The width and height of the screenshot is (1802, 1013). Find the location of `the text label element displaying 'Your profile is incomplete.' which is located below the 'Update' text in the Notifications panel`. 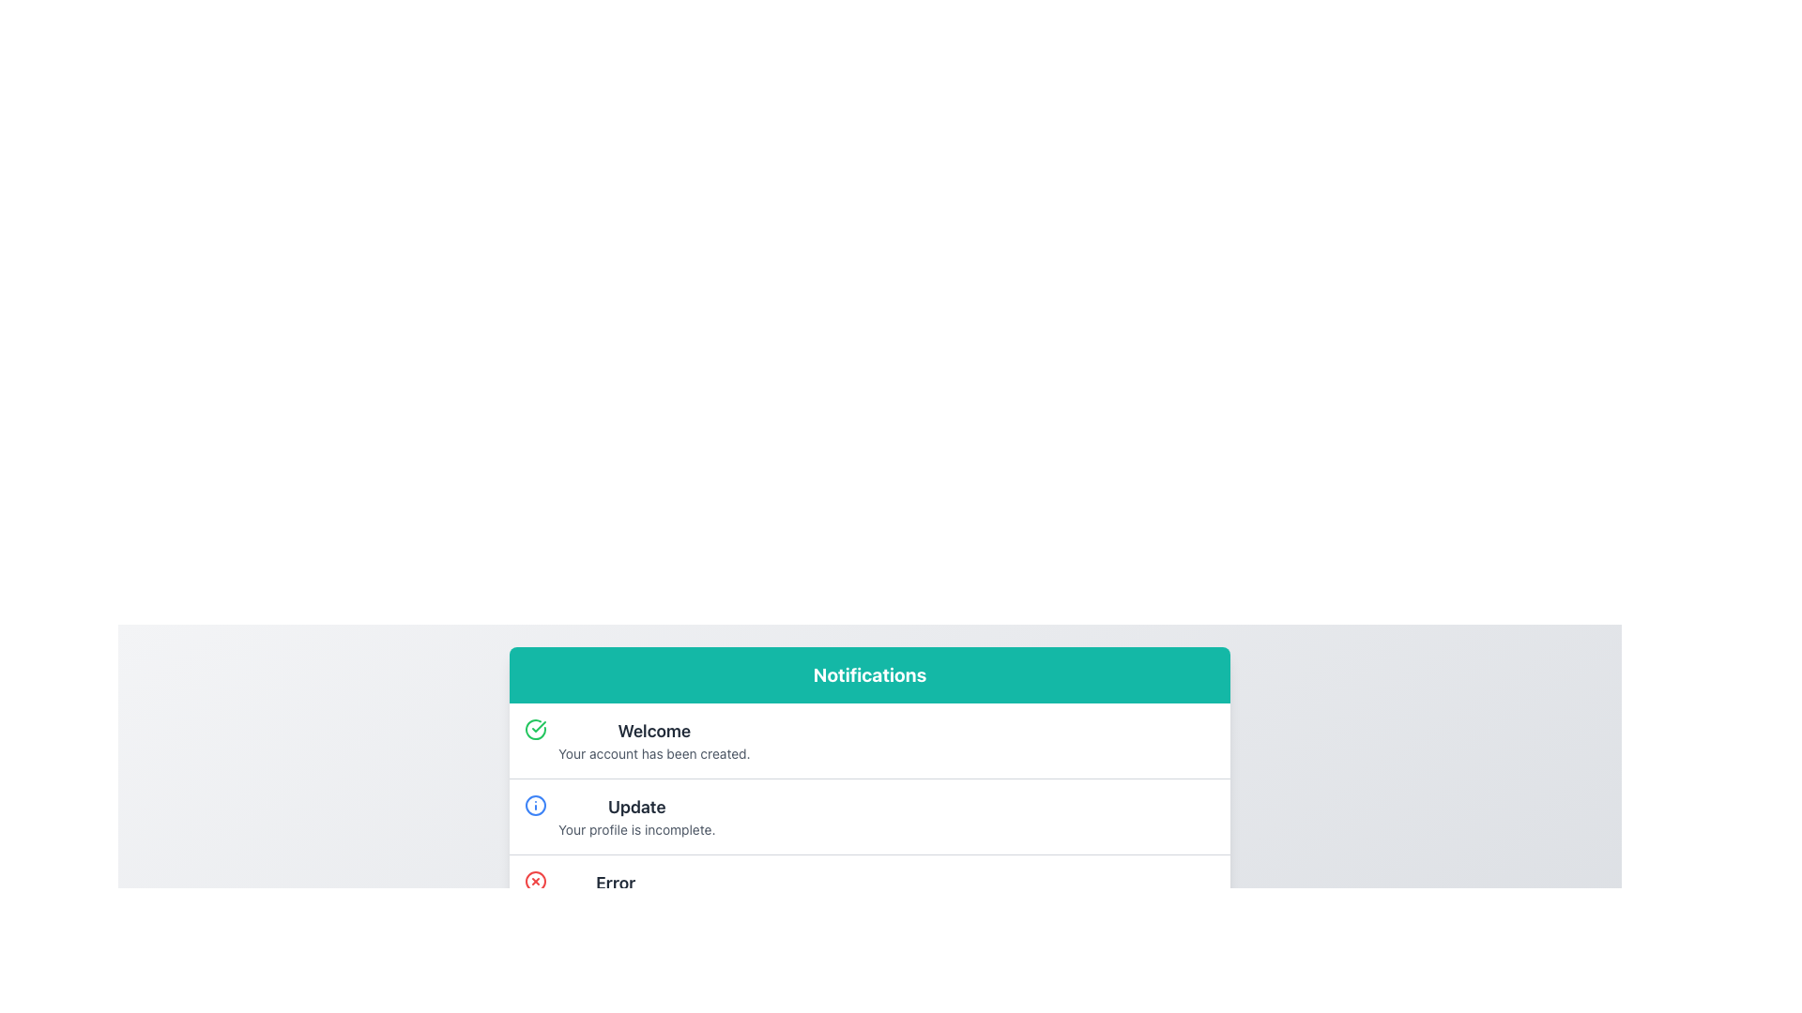

the text label element displaying 'Your profile is incomplete.' which is located below the 'Update' text in the Notifications panel is located at coordinates (636, 828).